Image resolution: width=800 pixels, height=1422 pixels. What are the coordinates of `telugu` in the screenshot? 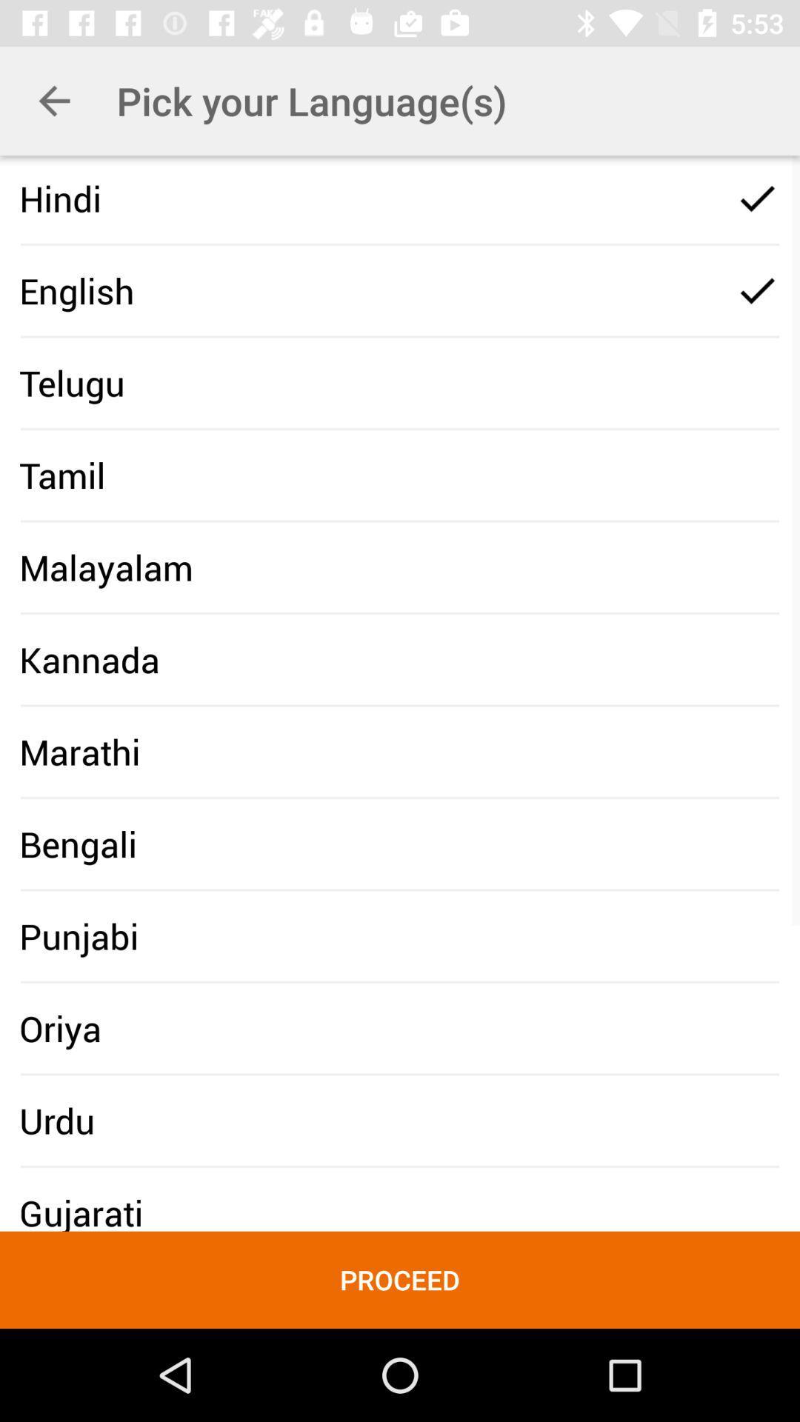 It's located at (72, 383).